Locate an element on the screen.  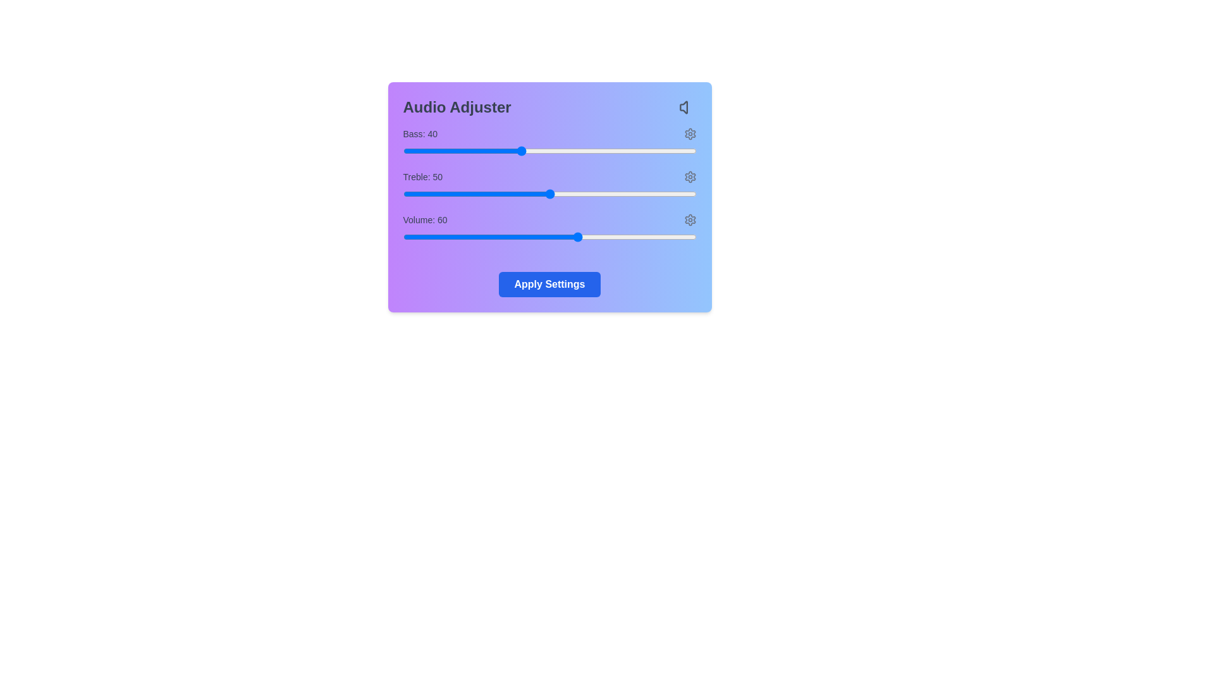
the 'Apply' button located at the bottom of the 'Audio Adjuster' panel to apply the adjusted audio settings including bass, treble, and volume is located at coordinates (549, 285).